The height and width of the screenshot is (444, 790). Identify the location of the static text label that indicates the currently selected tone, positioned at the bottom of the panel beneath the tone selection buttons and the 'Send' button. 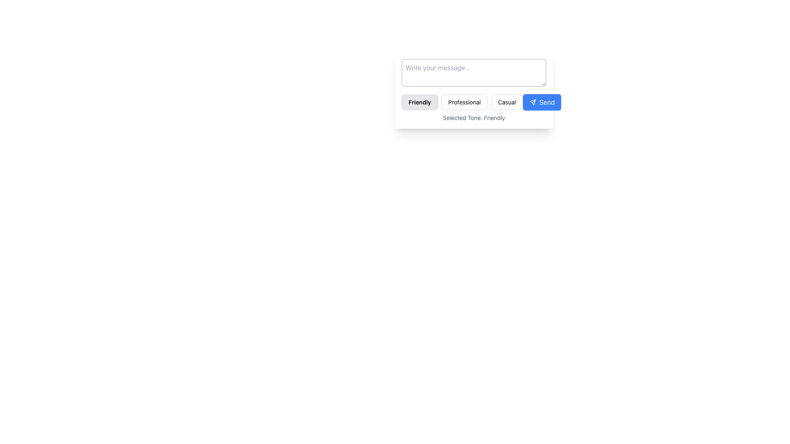
(474, 118).